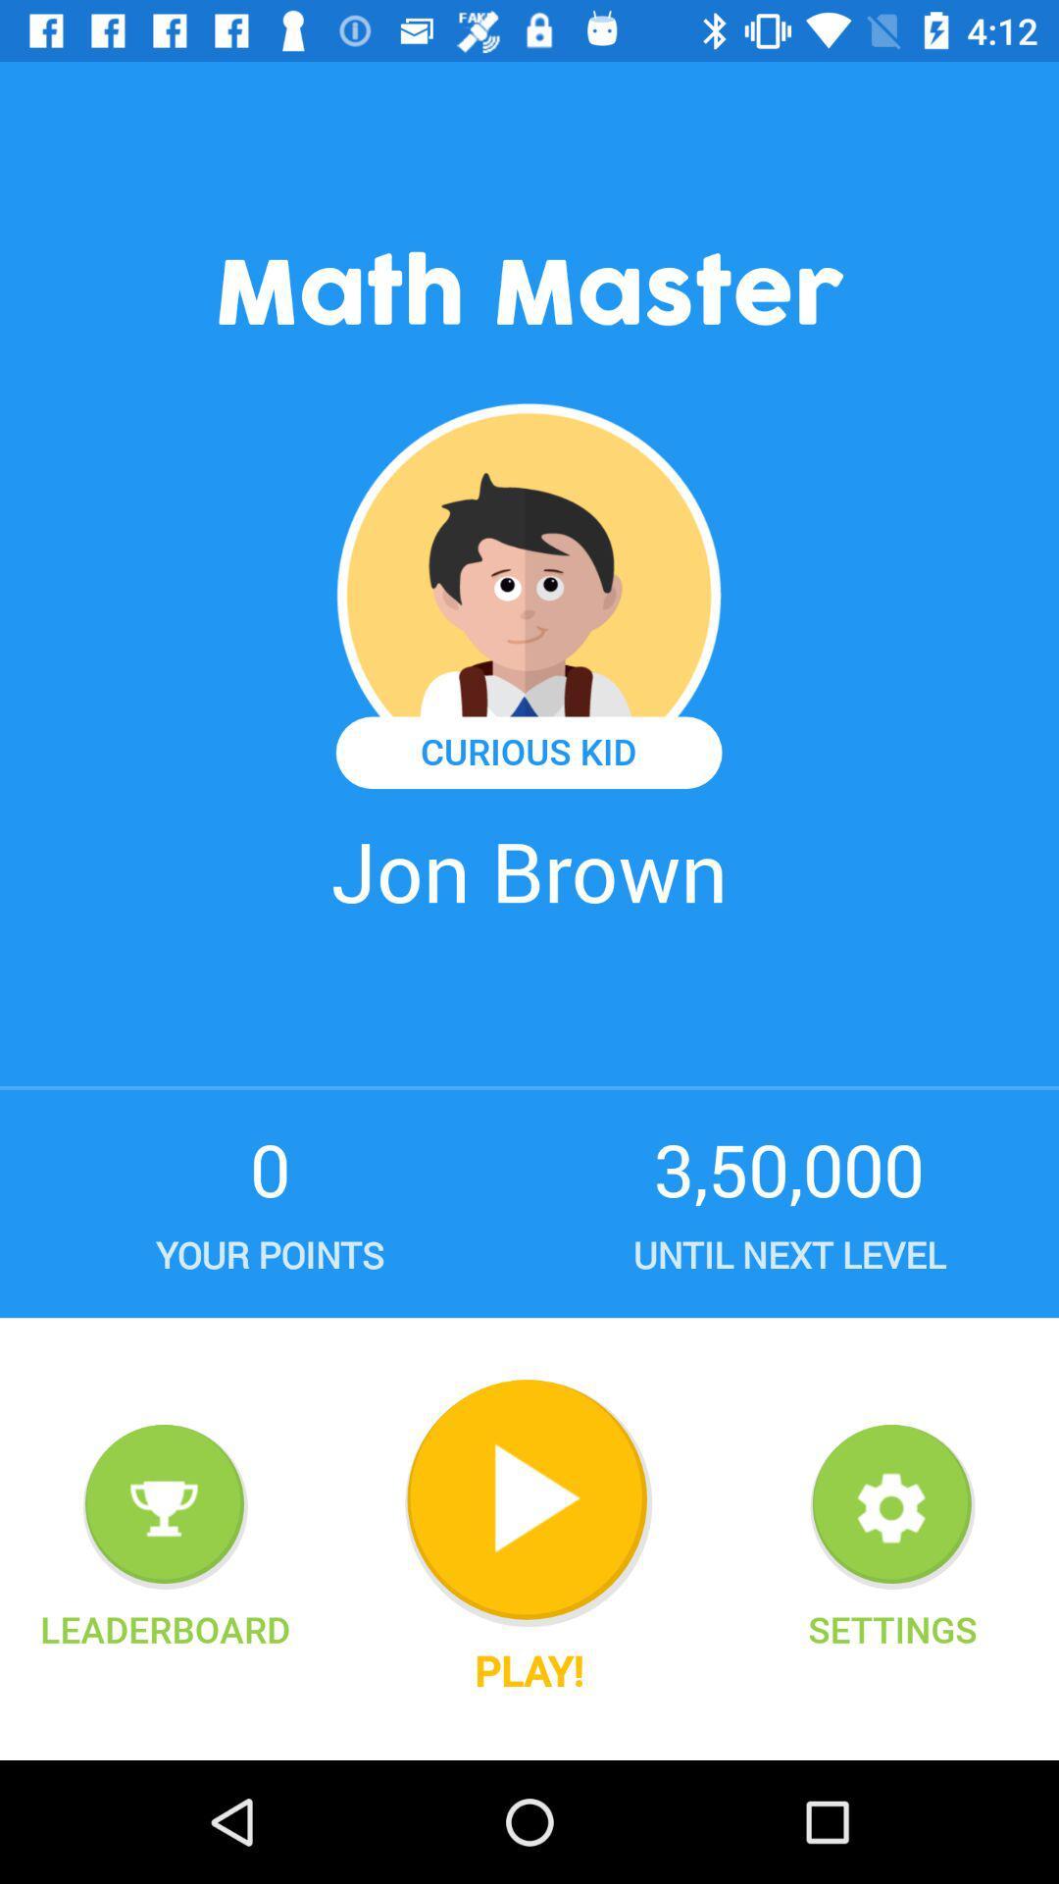  Describe the element at coordinates (164, 1506) in the screenshot. I see `show leaderboard` at that location.